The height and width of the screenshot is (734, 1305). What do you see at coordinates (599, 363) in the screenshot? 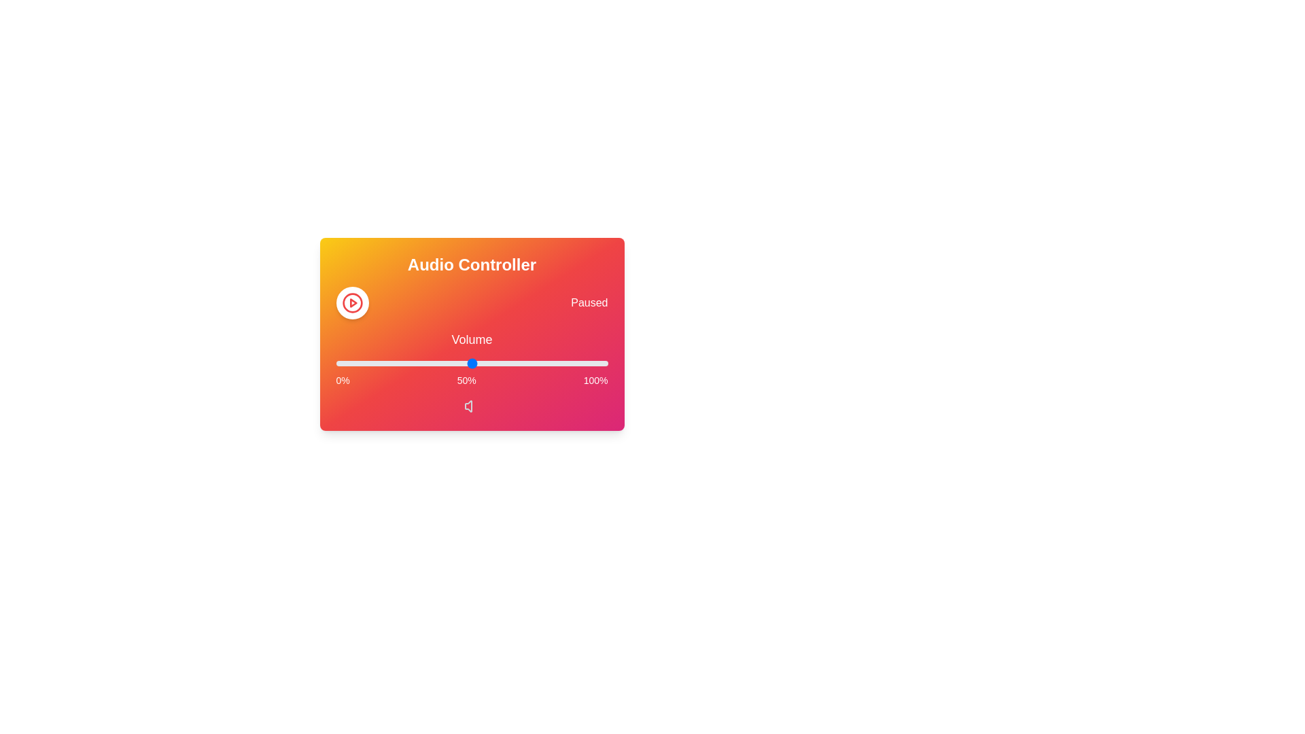
I see `the volume slider to 97%` at bounding box center [599, 363].